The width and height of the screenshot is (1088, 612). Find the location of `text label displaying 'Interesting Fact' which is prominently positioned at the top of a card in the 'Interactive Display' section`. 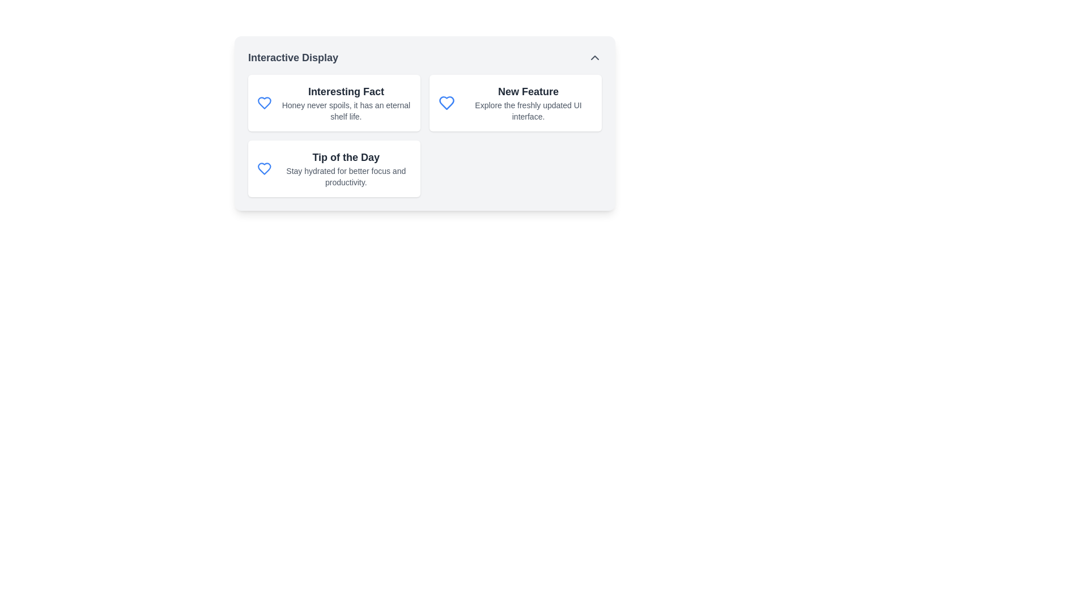

text label displaying 'Interesting Fact' which is prominently positioned at the top of a card in the 'Interactive Display' section is located at coordinates (345, 91).